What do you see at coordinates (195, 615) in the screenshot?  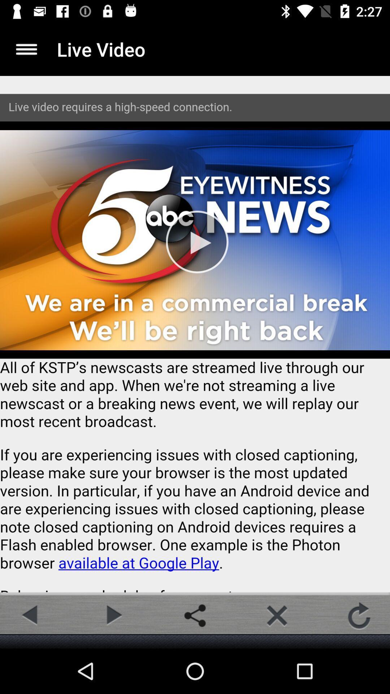 I see `share` at bounding box center [195, 615].